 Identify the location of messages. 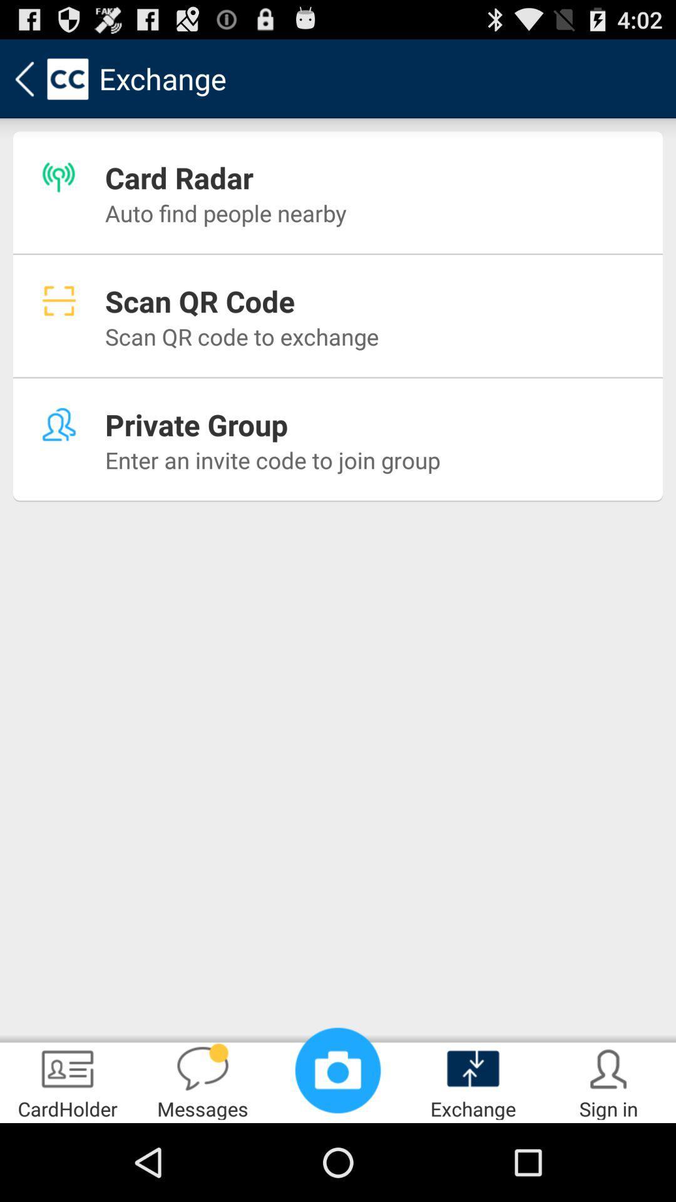
(202, 1081).